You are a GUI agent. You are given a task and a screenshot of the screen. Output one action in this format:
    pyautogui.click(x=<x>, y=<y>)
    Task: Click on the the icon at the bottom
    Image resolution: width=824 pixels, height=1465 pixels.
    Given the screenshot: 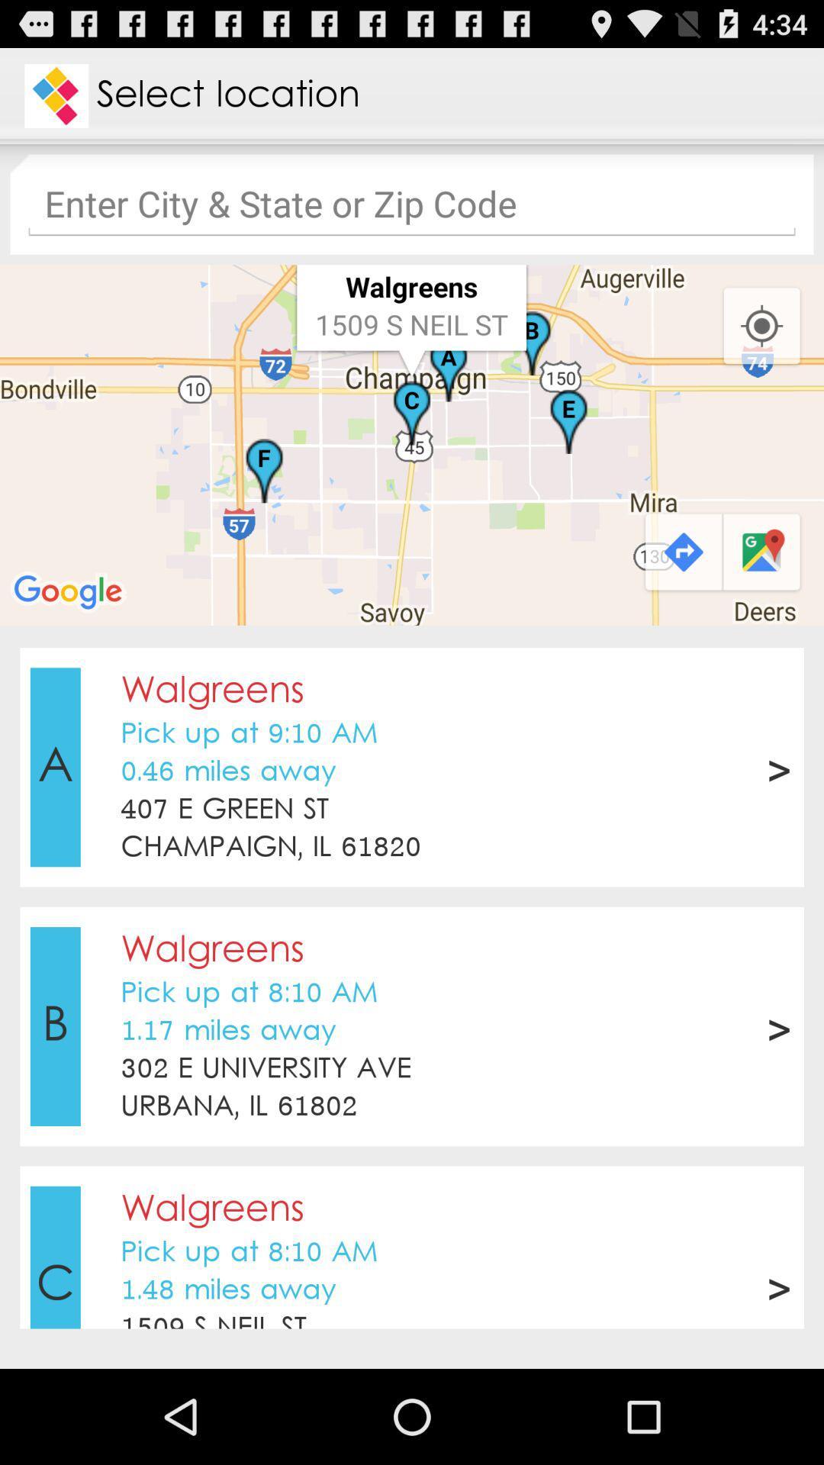 What is the action you would take?
    pyautogui.click(x=412, y=1136)
    